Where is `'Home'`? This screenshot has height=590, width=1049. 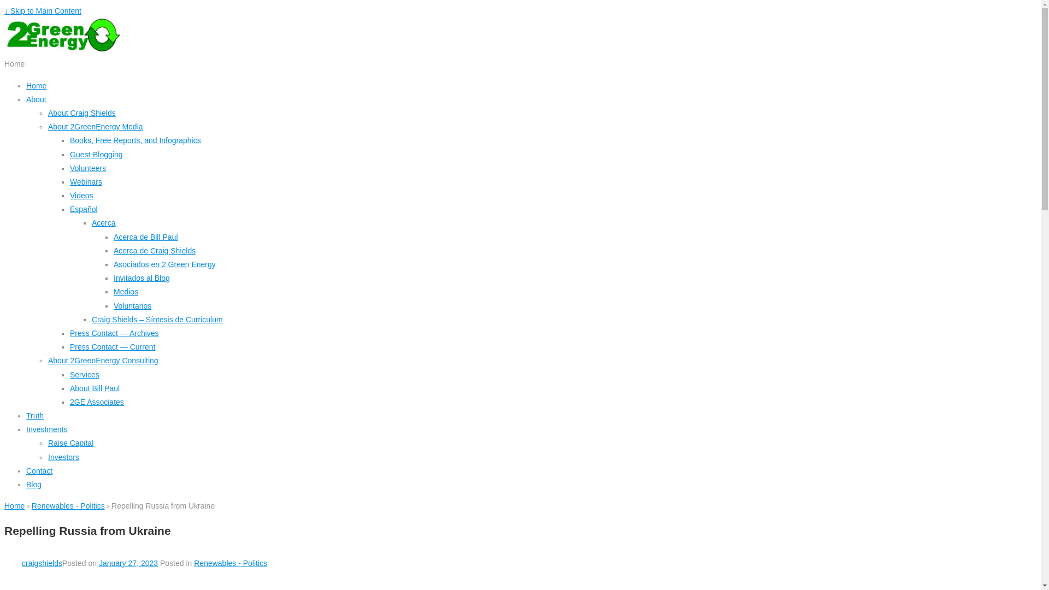 'Home' is located at coordinates (36, 85).